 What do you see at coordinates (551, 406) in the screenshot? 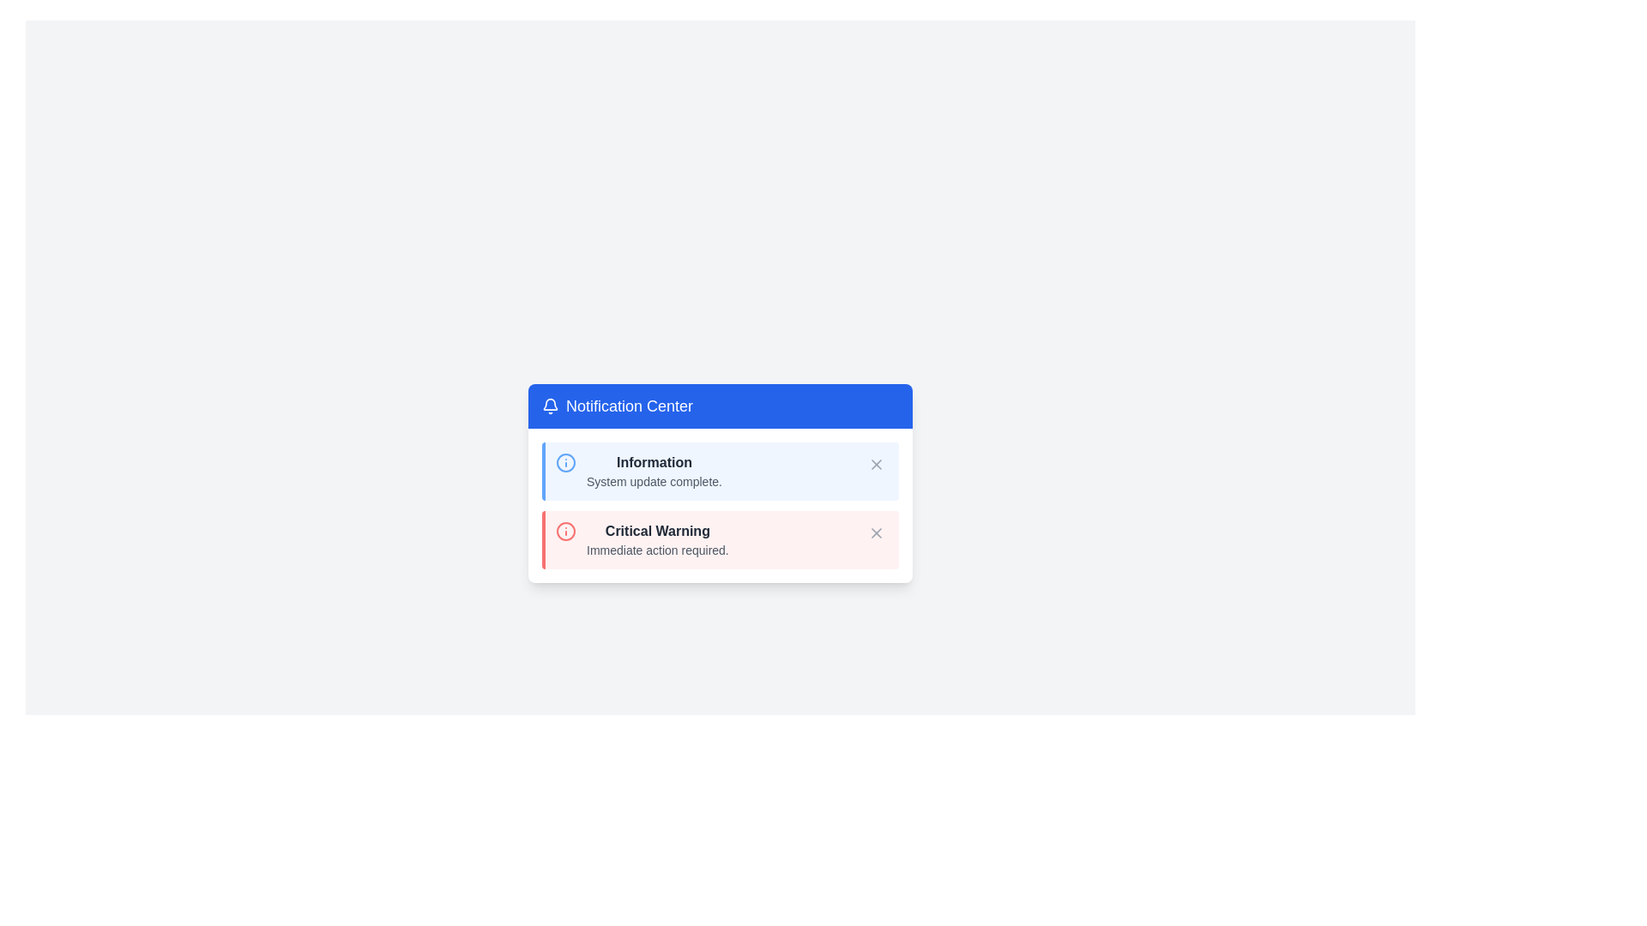
I see `the bell-shaped icon with a blue background and white outline located at the top-left corner of the 'Notification Center' header bar` at bounding box center [551, 406].